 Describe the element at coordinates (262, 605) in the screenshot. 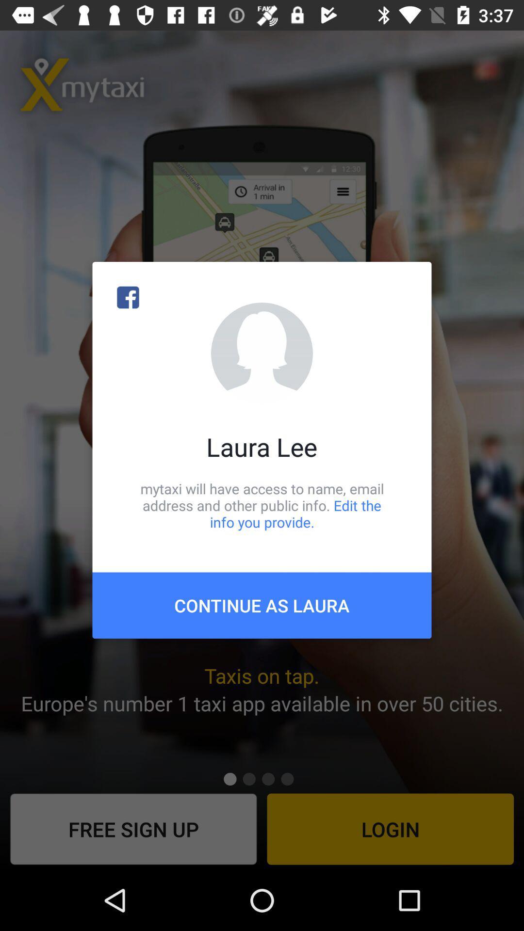

I see `the continue as laura item` at that location.